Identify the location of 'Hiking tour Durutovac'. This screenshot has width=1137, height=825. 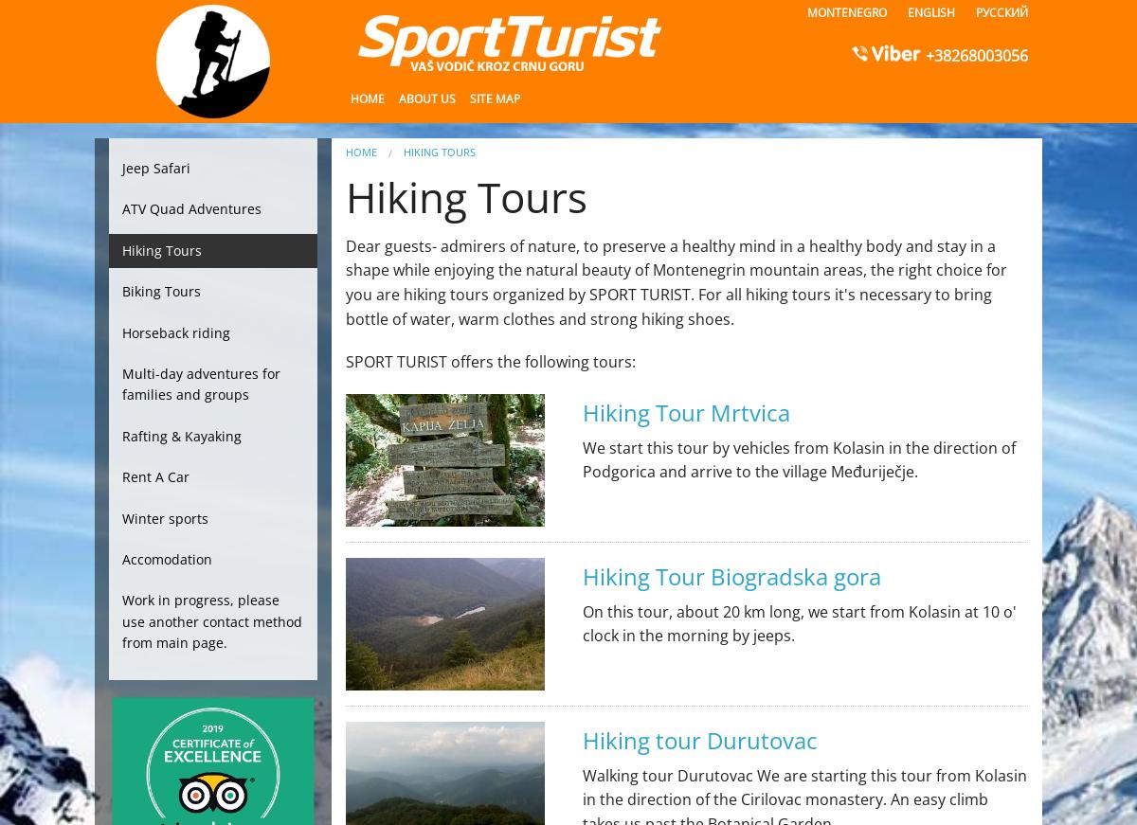
(699, 739).